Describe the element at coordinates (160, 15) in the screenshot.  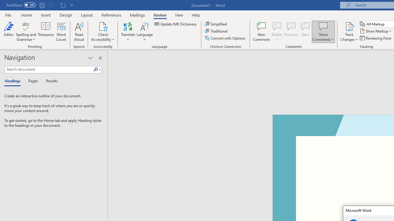
I see `'Review'` at that location.